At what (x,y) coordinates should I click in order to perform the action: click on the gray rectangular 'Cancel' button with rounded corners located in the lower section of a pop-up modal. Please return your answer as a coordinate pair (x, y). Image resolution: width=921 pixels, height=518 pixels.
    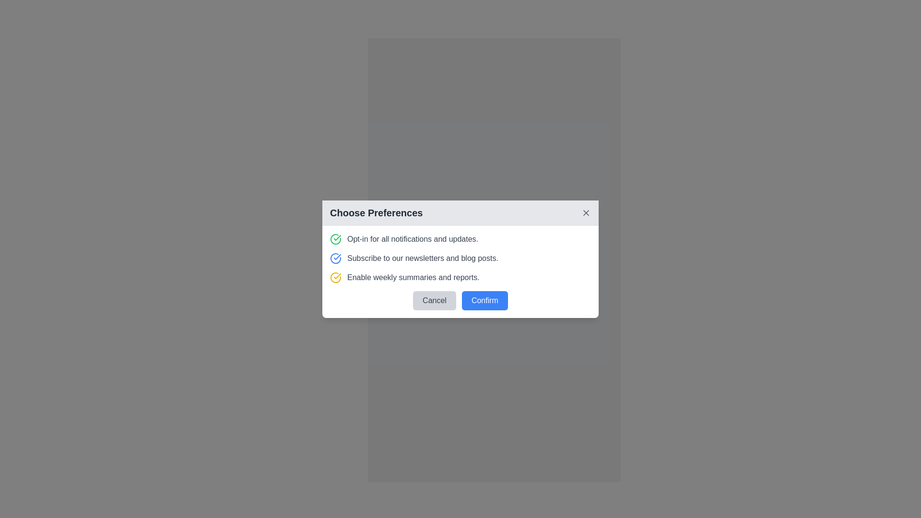
    Looking at the image, I should click on (434, 300).